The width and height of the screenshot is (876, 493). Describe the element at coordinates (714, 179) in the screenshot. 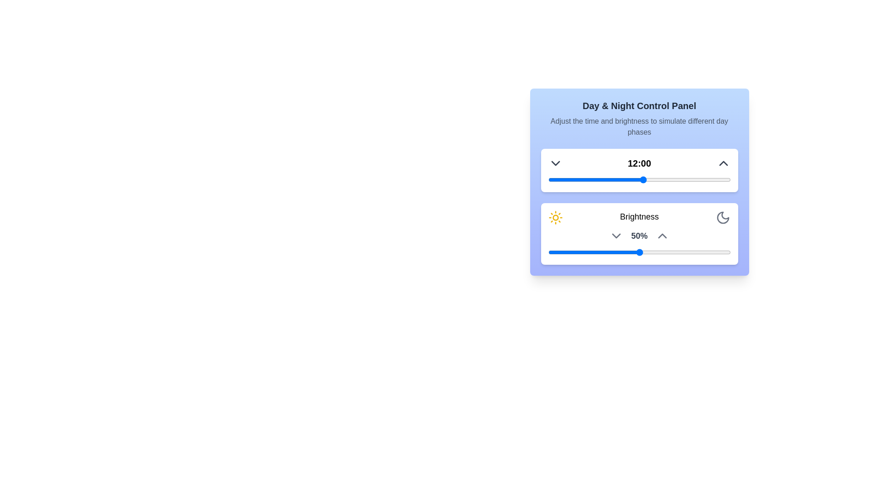

I see `time` at that location.